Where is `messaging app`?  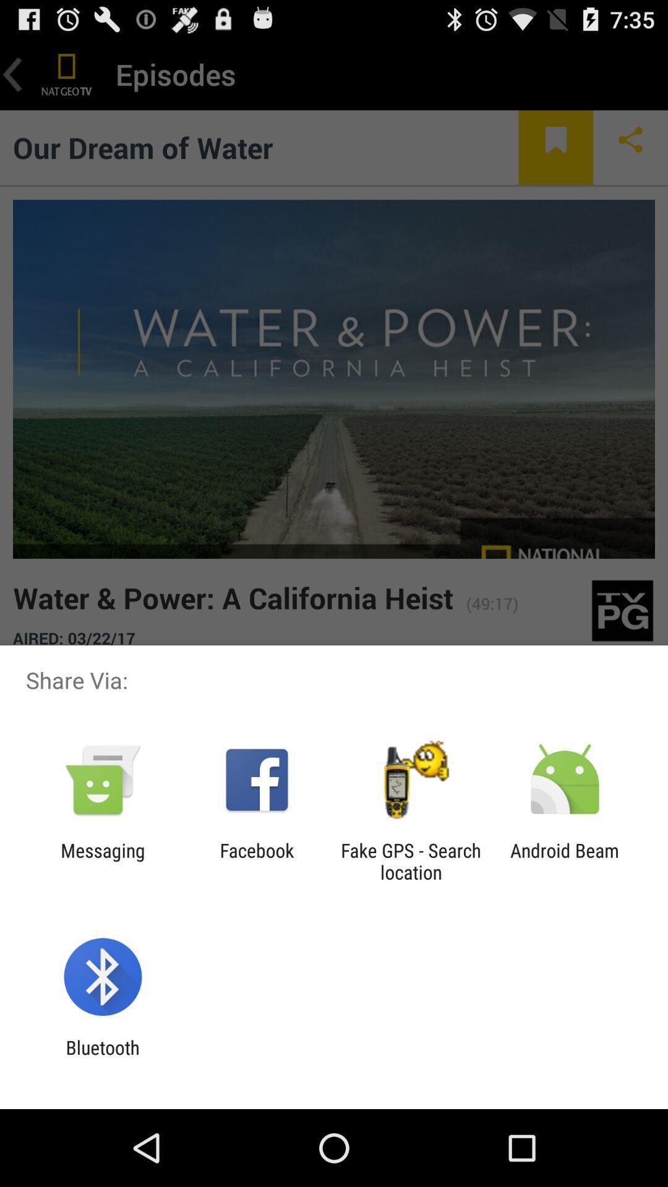 messaging app is located at coordinates (102, 861).